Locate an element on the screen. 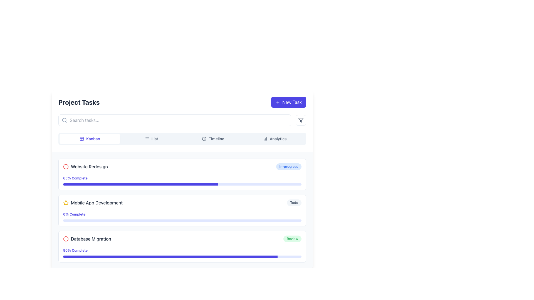 This screenshot has width=534, height=300. the star icon located on the left side of the 'Mobile App Development' task entry to interact with it is located at coordinates (66, 202).